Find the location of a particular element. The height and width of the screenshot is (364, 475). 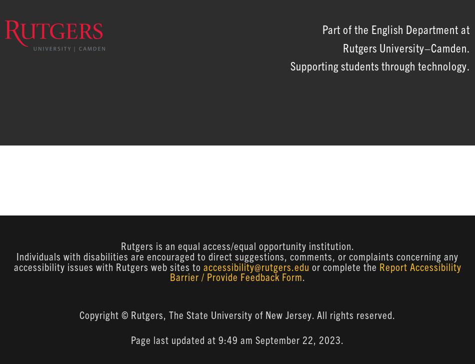

'Page last updated at' is located at coordinates (130, 339).